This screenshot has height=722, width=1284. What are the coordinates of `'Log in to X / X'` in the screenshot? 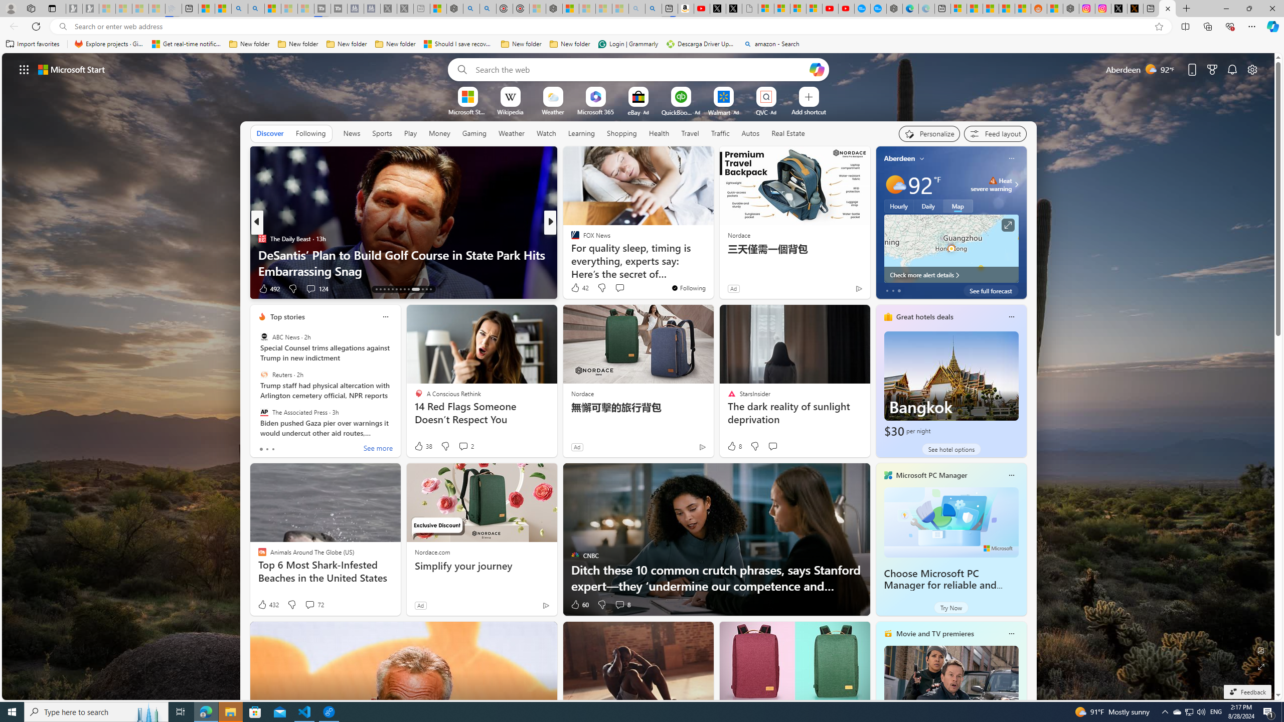 It's located at (1118, 8).